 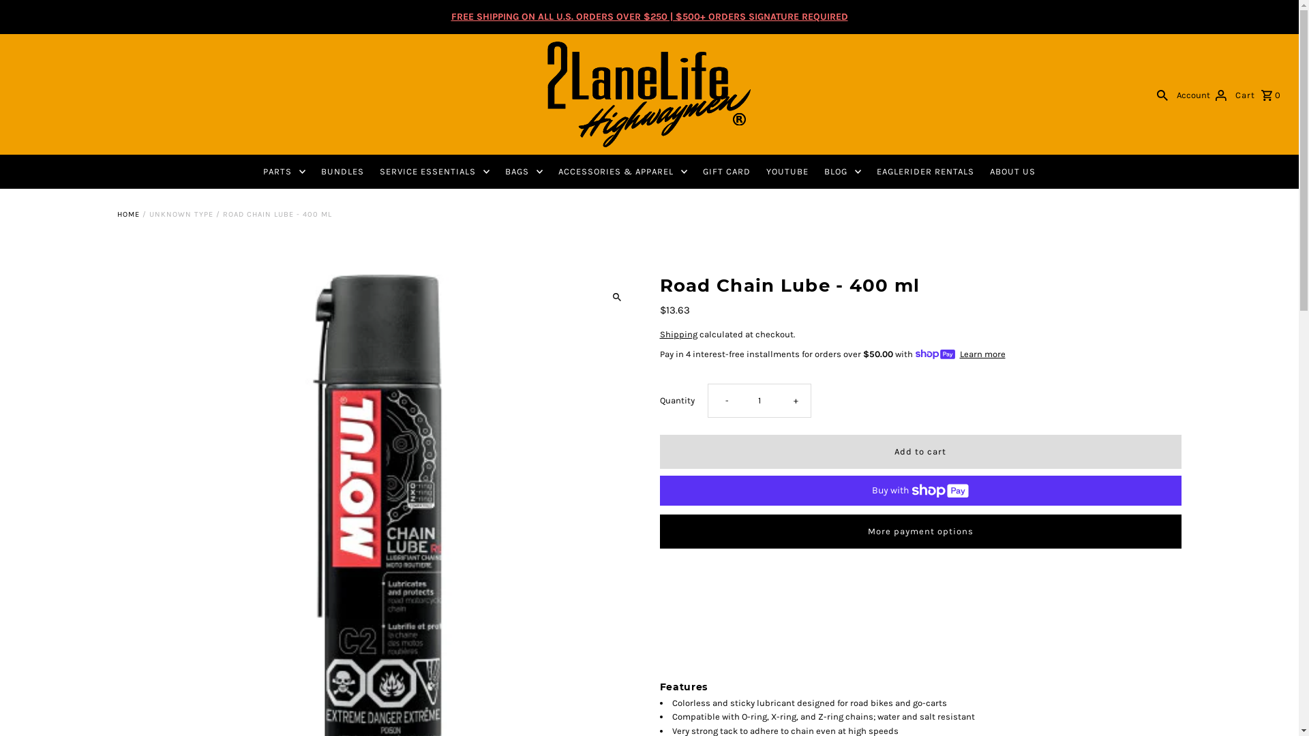 I want to click on 'Decrease quantity for Road Chain Lube - 400 ml, so click(x=707, y=399).